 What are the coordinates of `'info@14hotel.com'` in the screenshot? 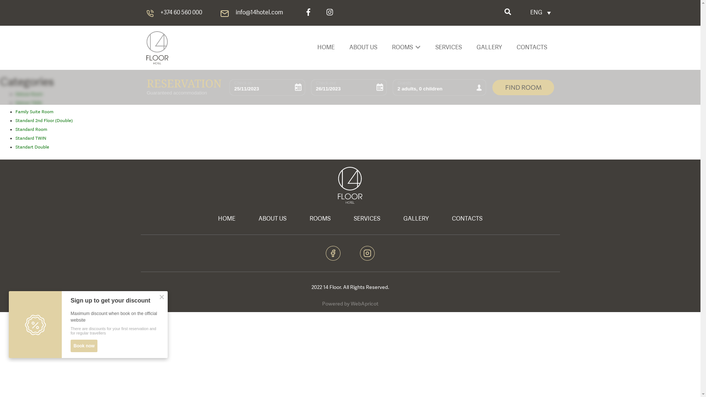 It's located at (259, 12).